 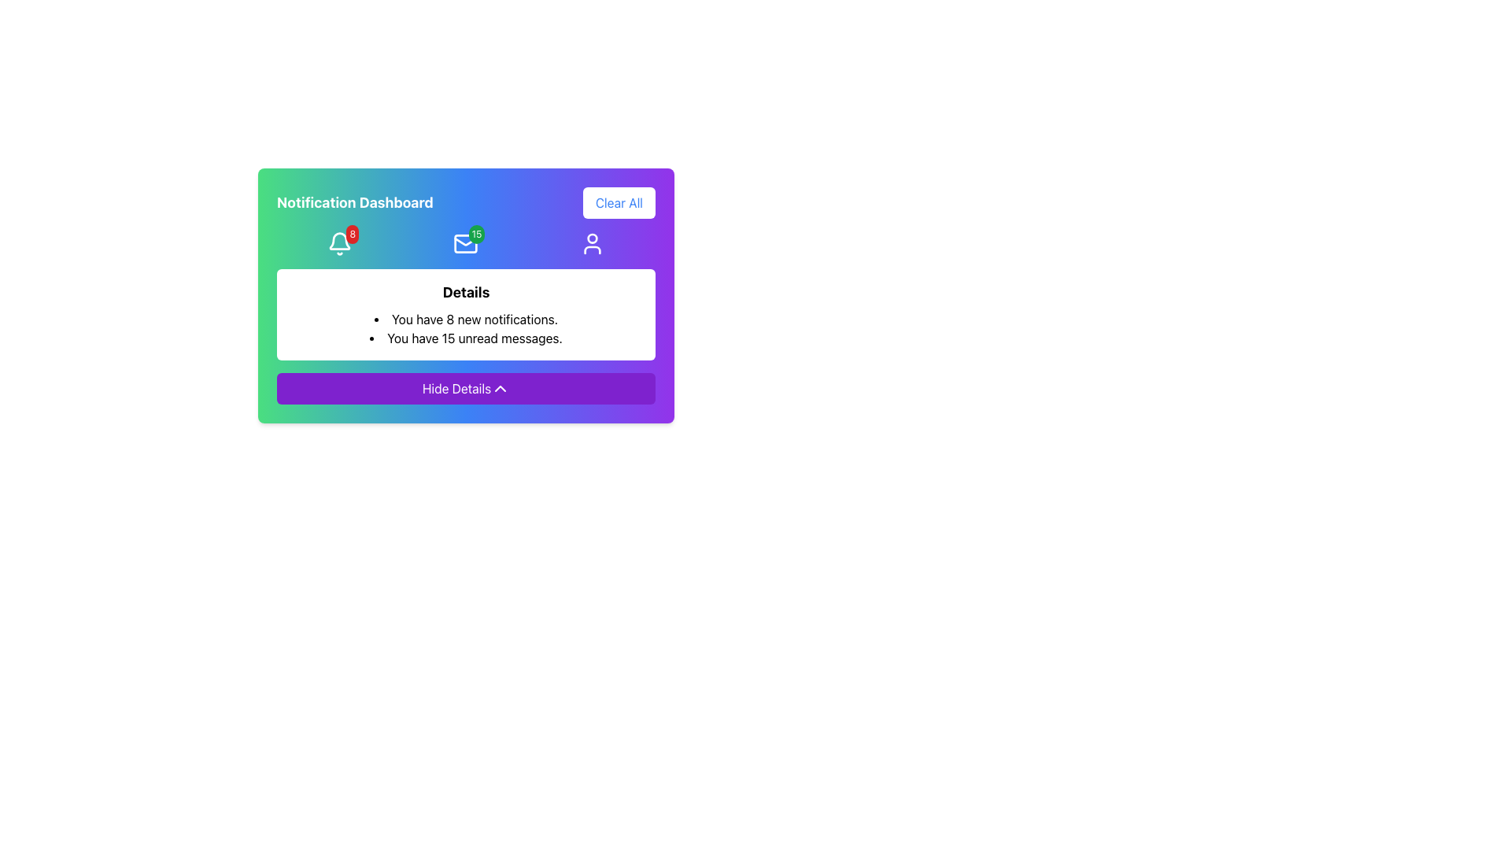 What do you see at coordinates (500, 388) in the screenshot?
I see `the icon located on the right side of the 'Hide Details' button` at bounding box center [500, 388].